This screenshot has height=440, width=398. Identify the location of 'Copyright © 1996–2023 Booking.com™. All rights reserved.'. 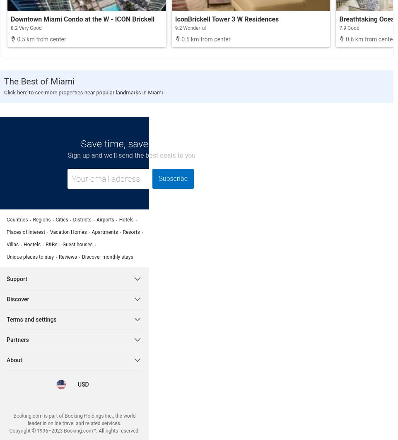
(74, 430).